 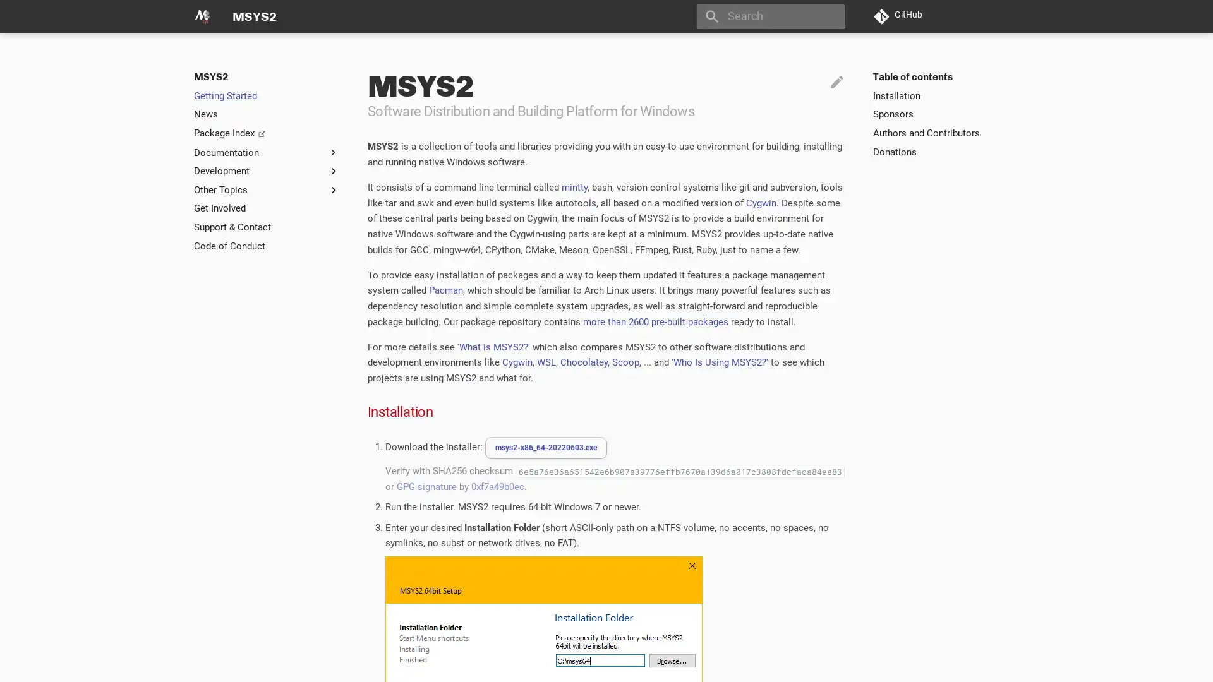 What do you see at coordinates (830, 16) in the screenshot?
I see `Clear` at bounding box center [830, 16].